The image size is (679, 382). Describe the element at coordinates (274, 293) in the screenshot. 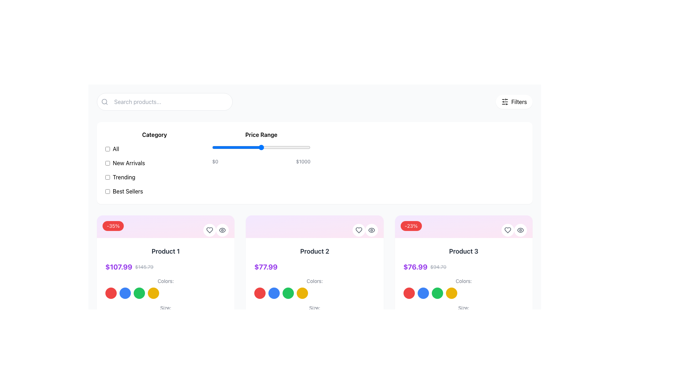

I see `the second circular color indicator in the 'Product 2' section` at that location.